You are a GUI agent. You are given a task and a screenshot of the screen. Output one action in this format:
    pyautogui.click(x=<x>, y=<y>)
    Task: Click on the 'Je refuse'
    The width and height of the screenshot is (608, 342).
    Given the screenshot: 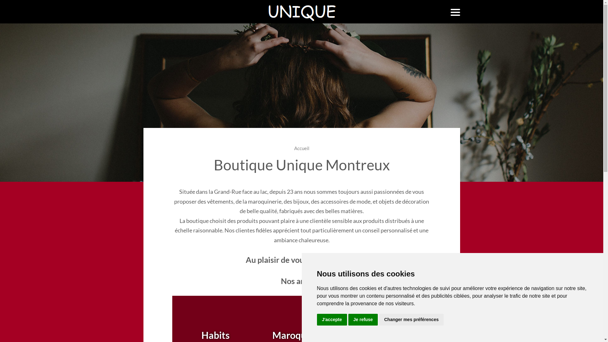 What is the action you would take?
    pyautogui.click(x=348, y=320)
    